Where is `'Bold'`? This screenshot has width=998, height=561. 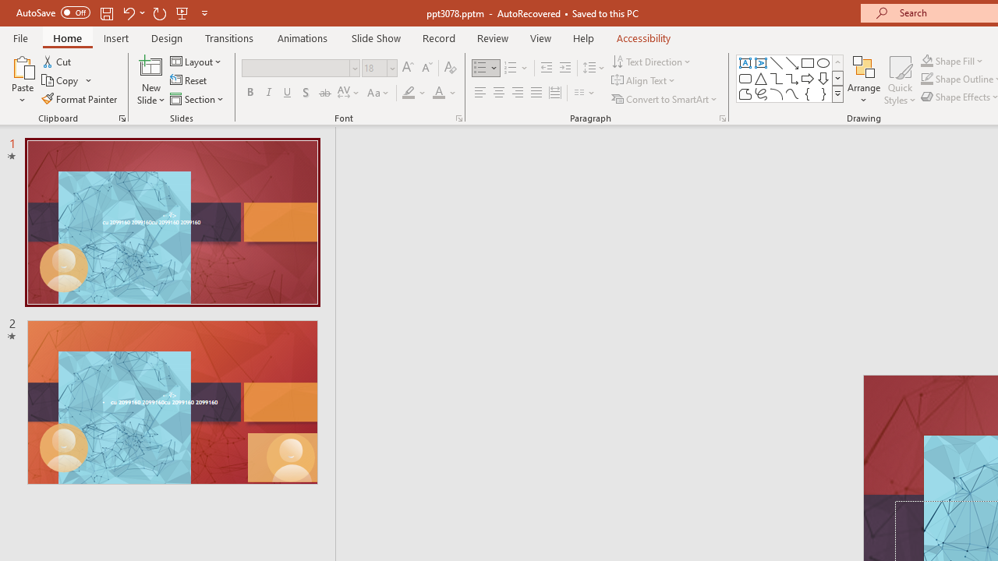 'Bold' is located at coordinates (249, 93).